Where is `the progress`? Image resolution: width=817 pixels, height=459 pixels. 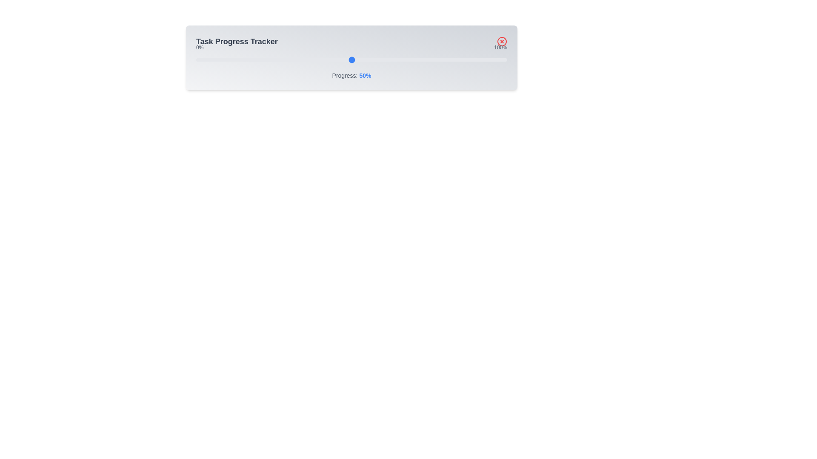 the progress is located at coordinates (242, 59).